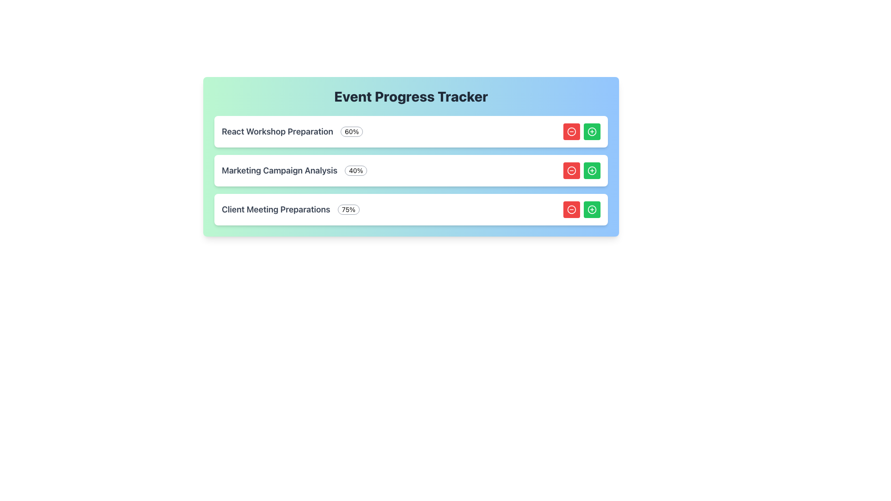 The width and height of the screenshot is (891, 501). What do you see at coordinates (571, 170) in the screenshot?
I see `the circular red outlined button with a horizontal white line, representing a minus symbol` at bounding box center [571, 170].